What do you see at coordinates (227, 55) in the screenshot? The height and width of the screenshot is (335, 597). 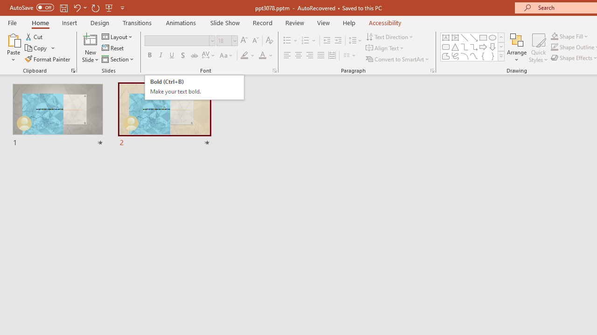 I see `'Change Case'` at bounding box center [227, 55].